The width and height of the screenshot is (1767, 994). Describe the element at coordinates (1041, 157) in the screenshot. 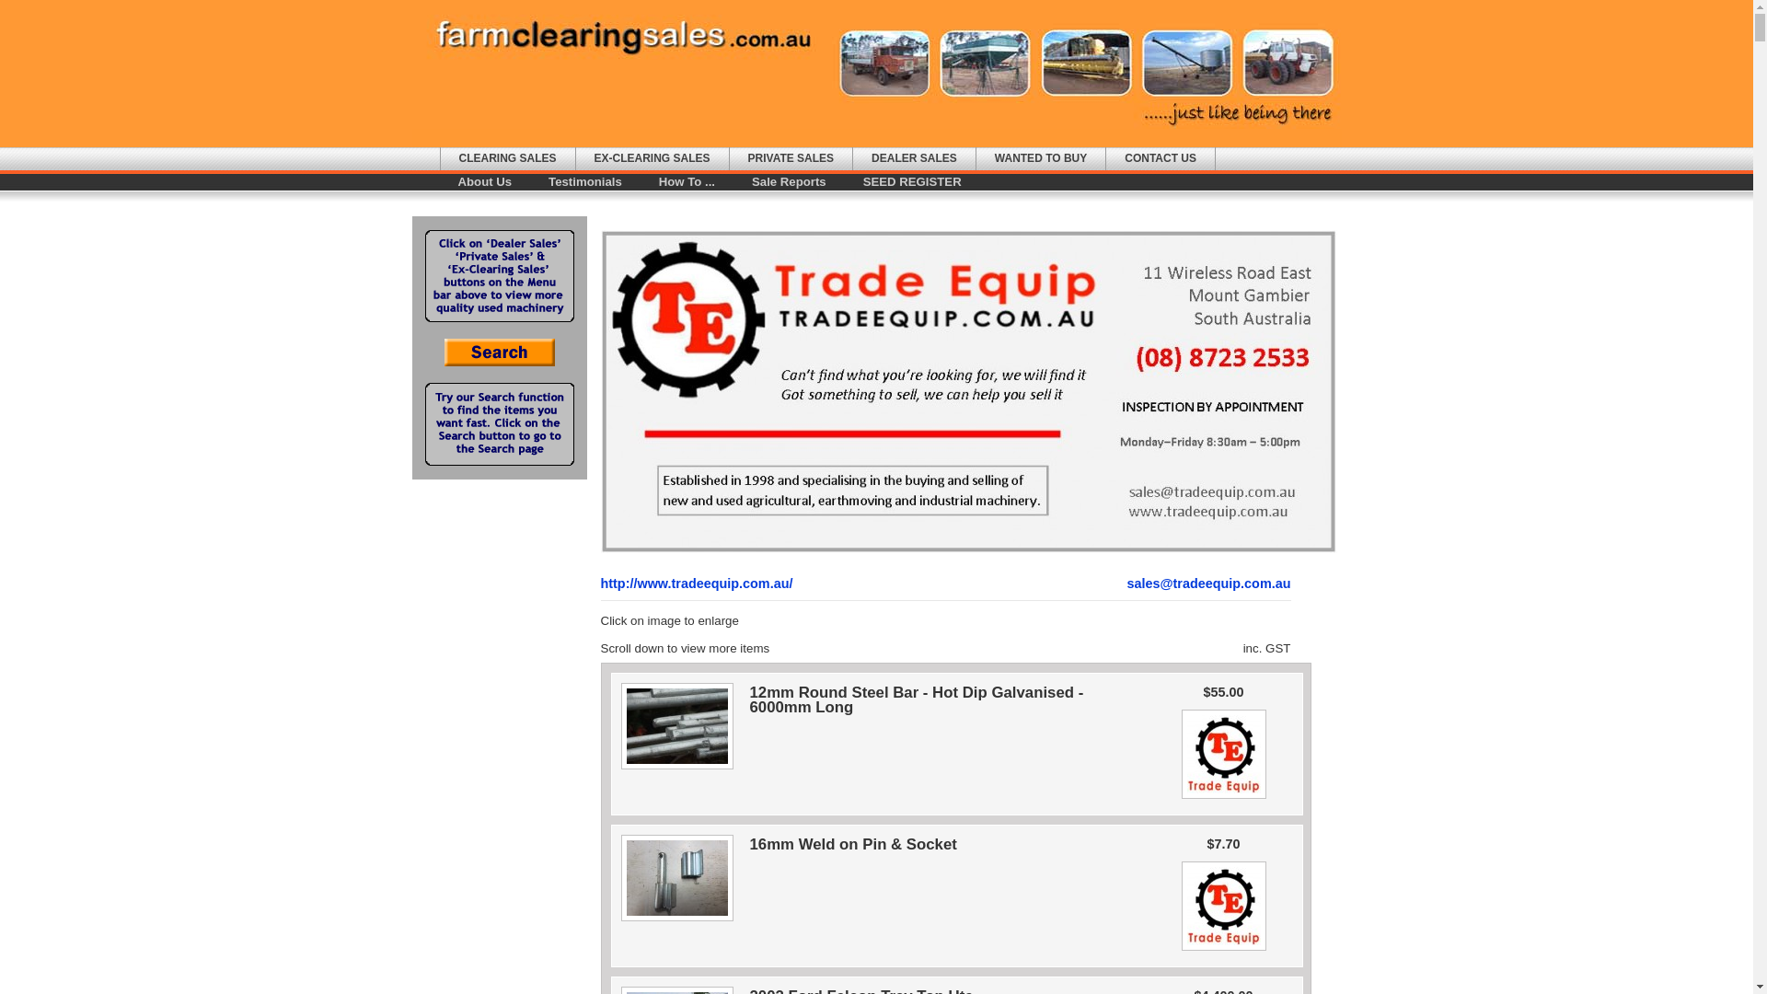

I see `'WANTED TO BUY'` at that location.